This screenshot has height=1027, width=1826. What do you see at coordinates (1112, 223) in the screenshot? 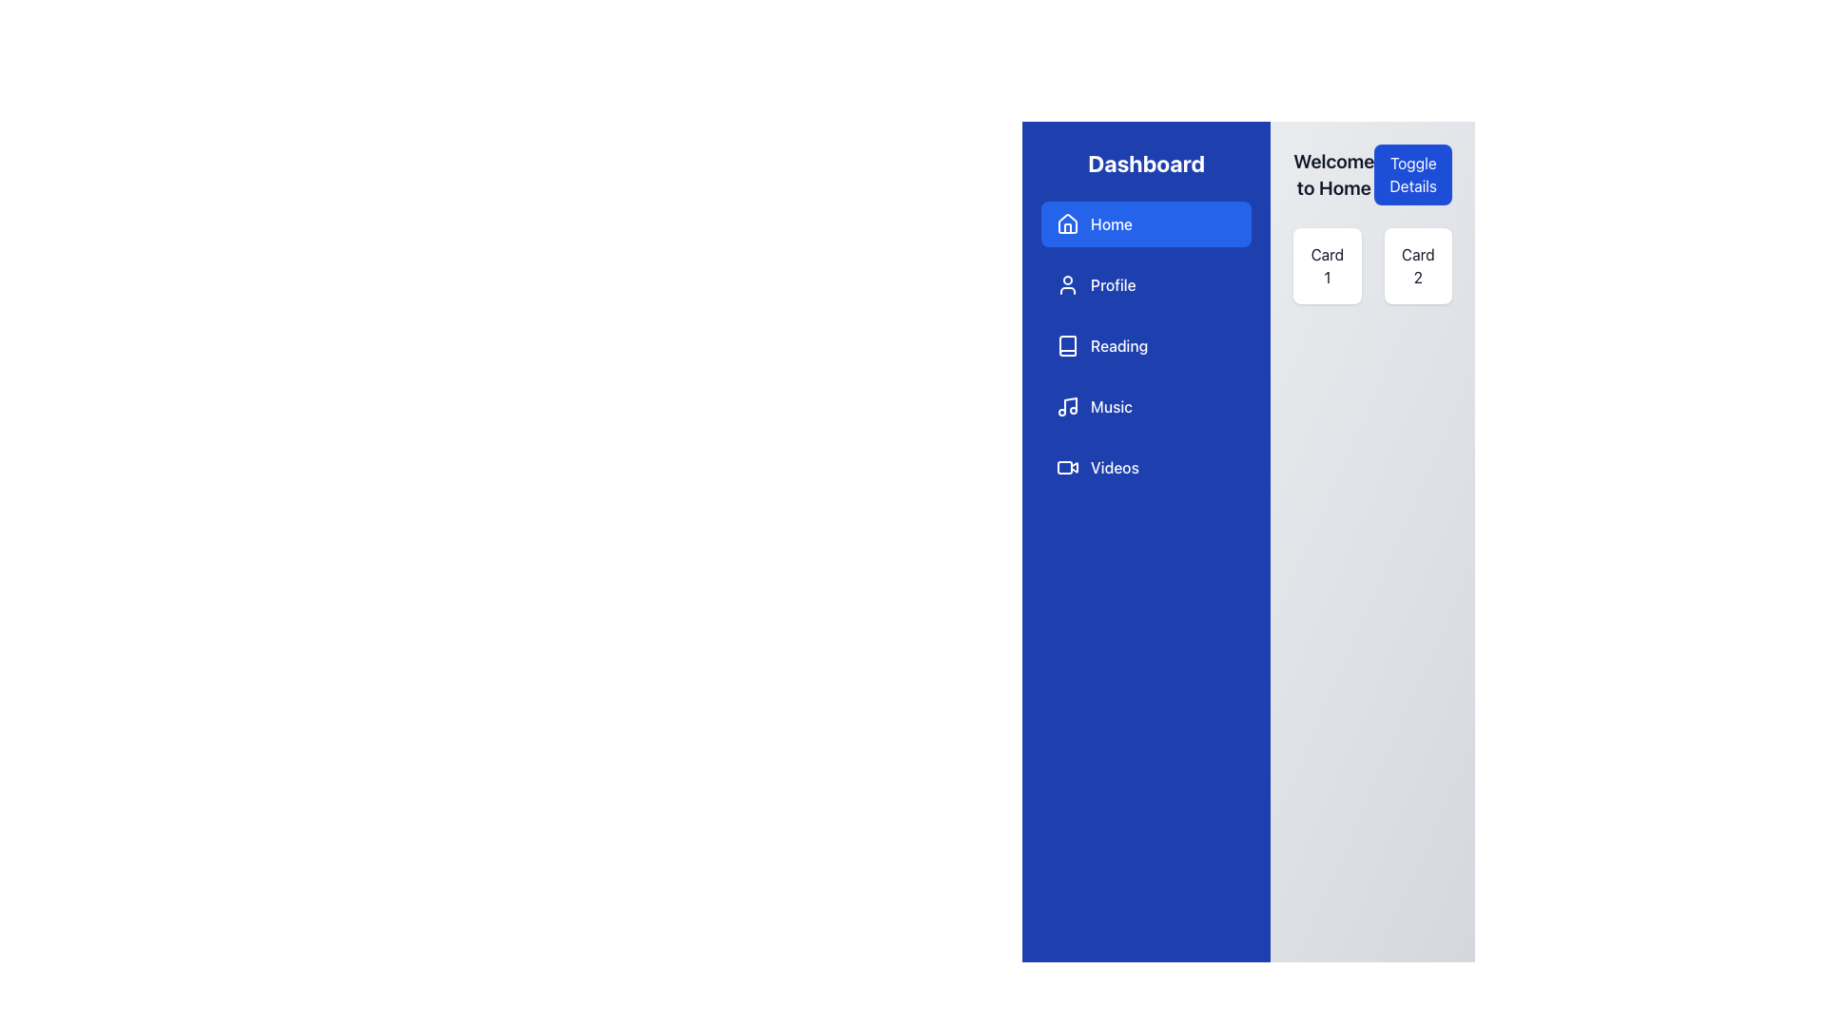
I see `the 'Home' label` at bounding box center [1112, 223].